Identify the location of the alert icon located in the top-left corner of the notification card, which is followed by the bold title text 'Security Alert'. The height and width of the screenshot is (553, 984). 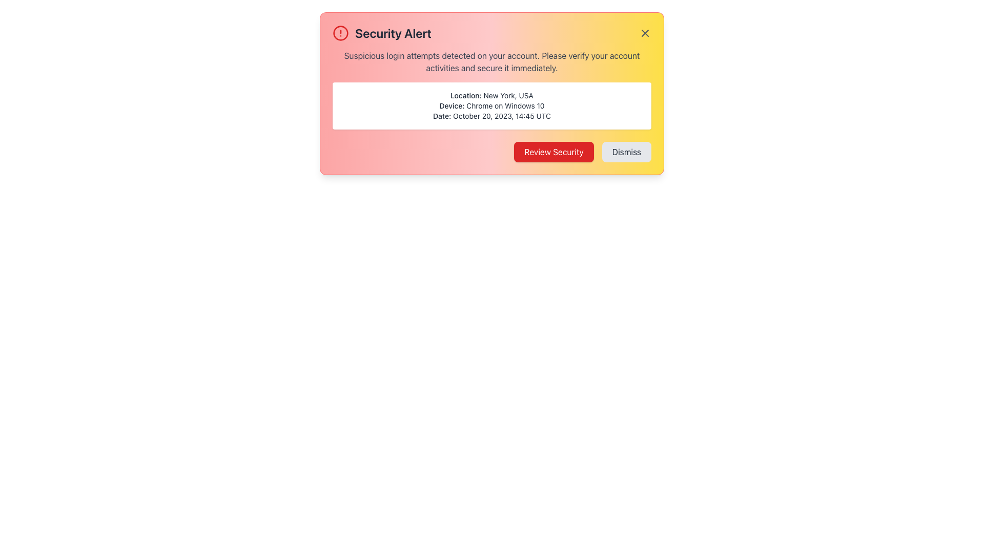
(341, 33).